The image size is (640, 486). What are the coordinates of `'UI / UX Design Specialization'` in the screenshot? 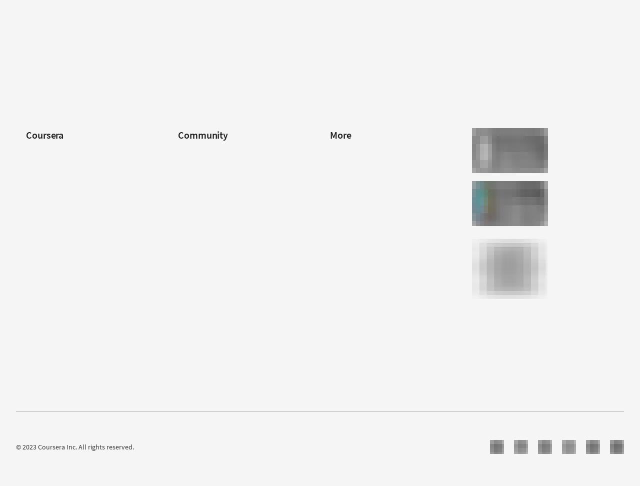 It's located at (219, 60).